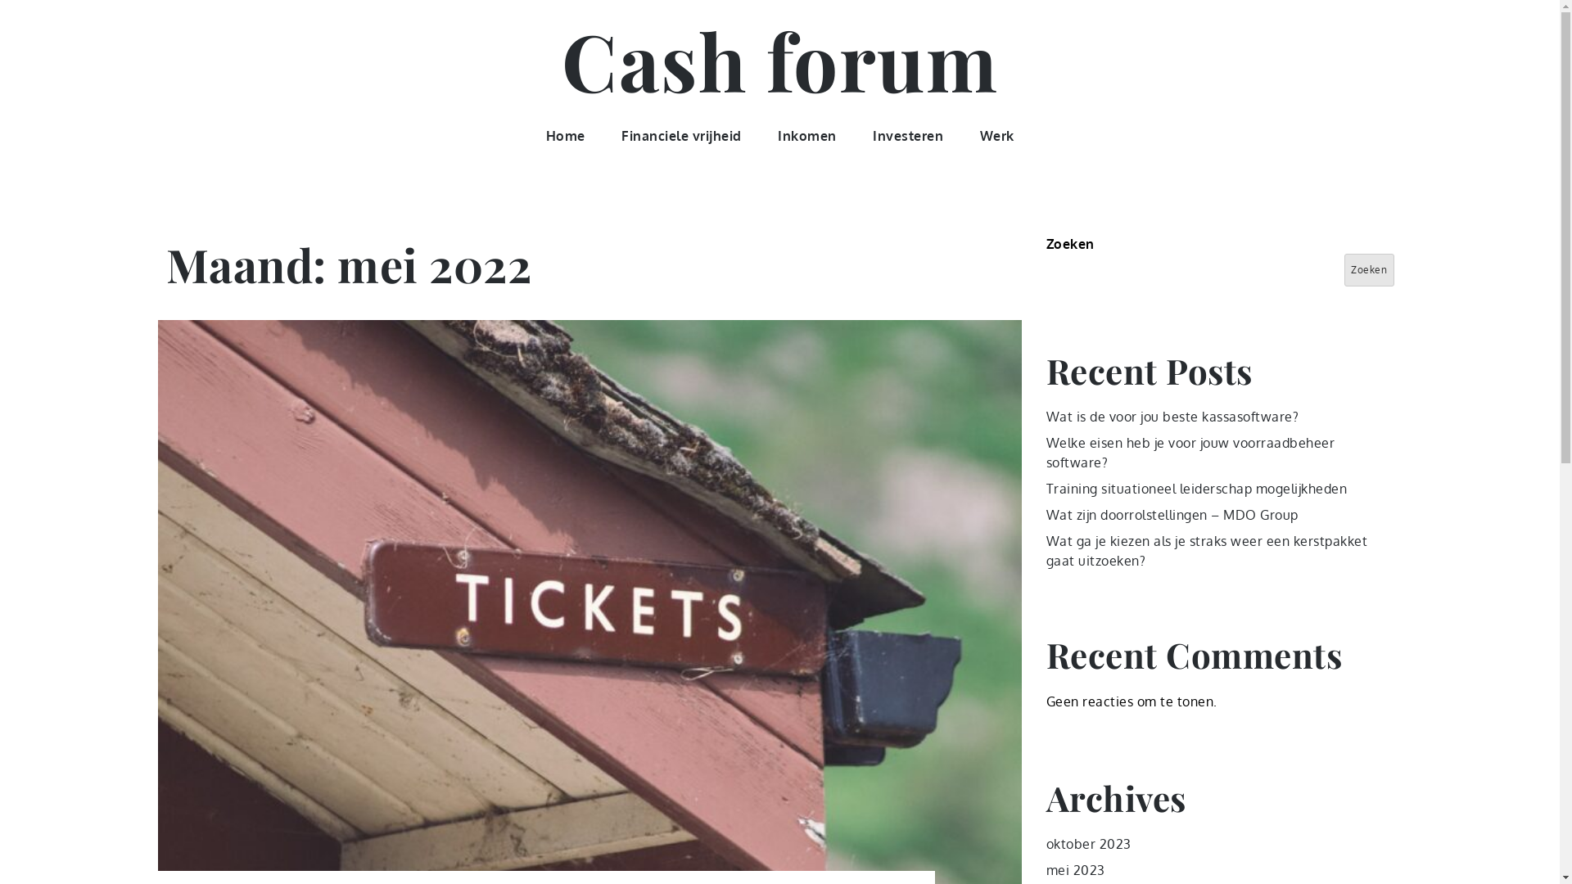 The width and height of the screenshot is (1572, 884). I want to click on 'Wat is de voor jou beste kassasoftware?', so click(1172, 416).